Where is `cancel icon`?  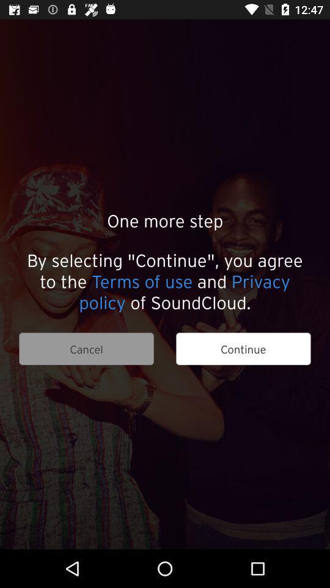 cancel icon is located at coordinates (86, 349).